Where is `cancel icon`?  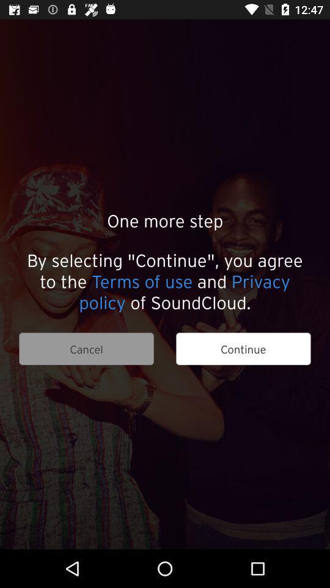 cancel icon is located at coordinates (86, 349).